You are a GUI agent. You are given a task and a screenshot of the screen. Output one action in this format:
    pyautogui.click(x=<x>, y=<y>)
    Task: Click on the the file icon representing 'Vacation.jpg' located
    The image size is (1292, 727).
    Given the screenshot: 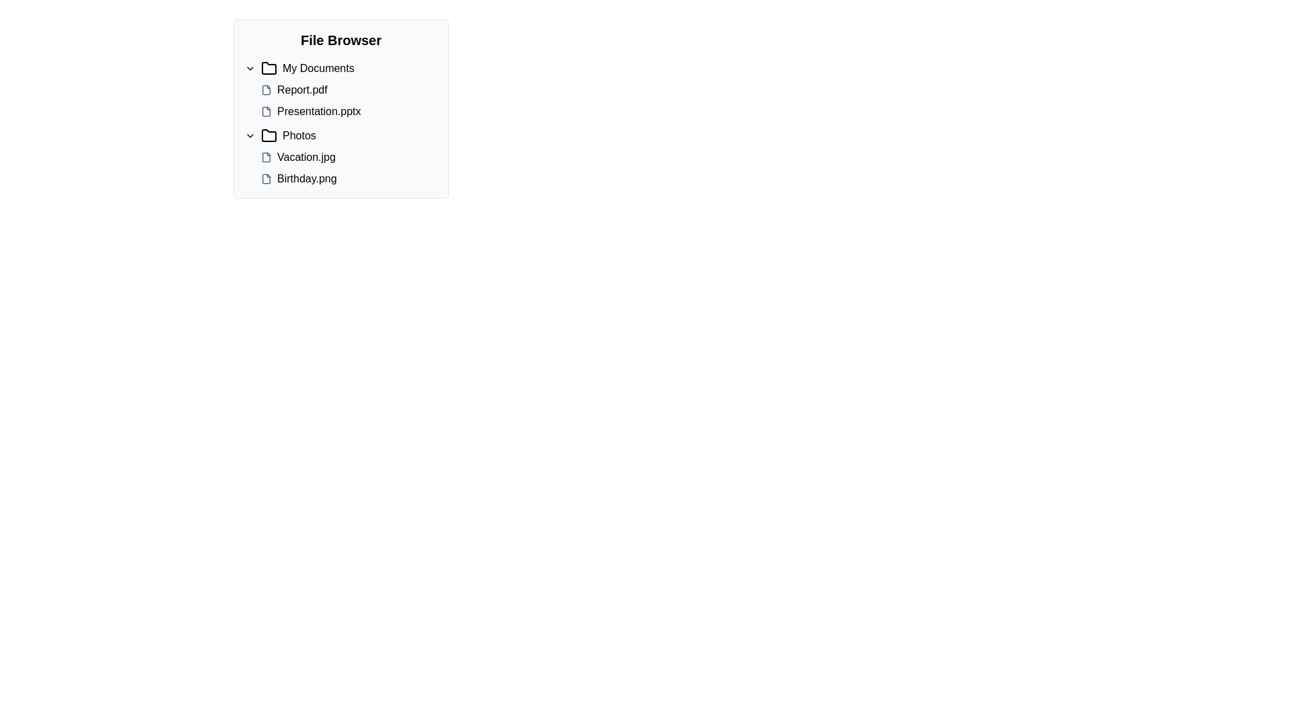 What is the action you would take?
    pyautogui.click(x=266, y=157)
    